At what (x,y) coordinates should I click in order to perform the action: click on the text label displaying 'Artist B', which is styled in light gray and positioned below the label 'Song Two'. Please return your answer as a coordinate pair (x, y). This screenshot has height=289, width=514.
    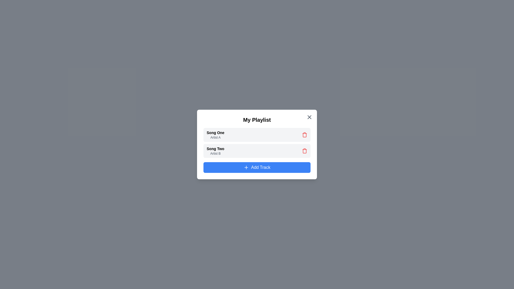
    Looking at the image, I should click on (215, 154).